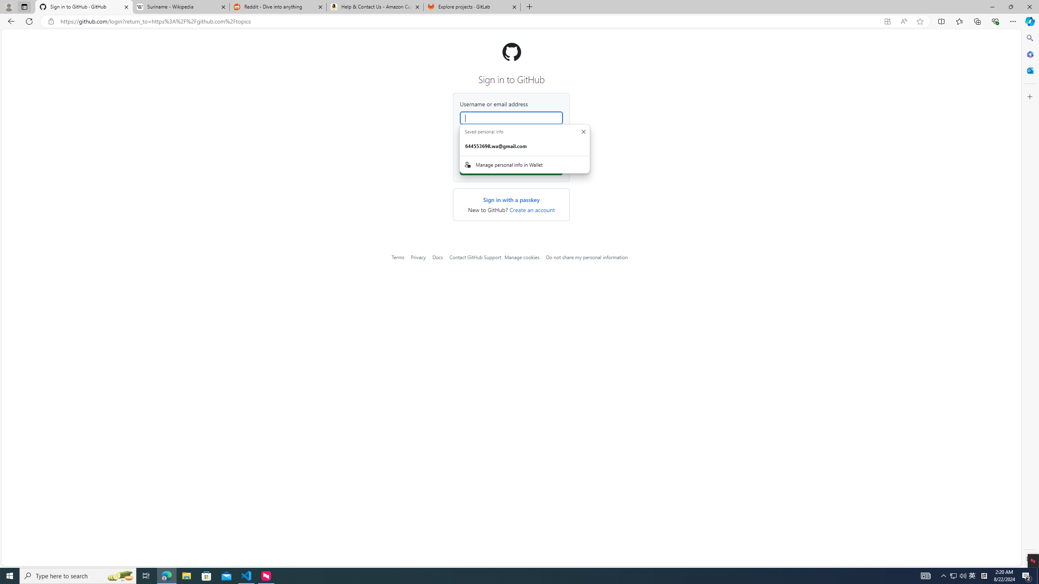 The height and width of the screenshot is (584, 1039). What do you see at coordinates (511, 199) in the screenshot?
I see `'Sign in with a passkey'` at bounding box center [511, 199].